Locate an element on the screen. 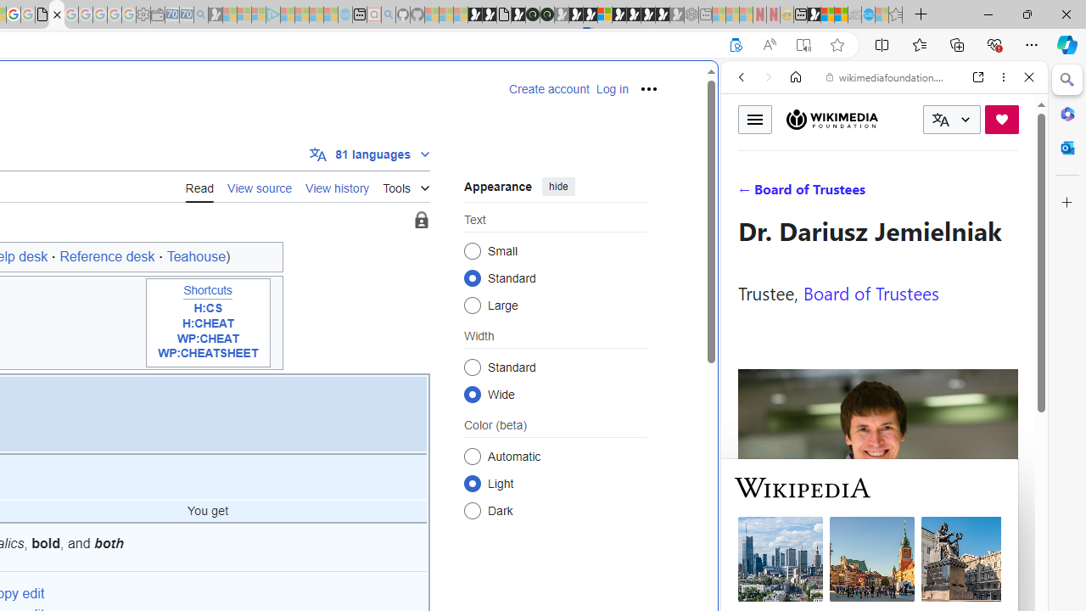 Image resolution: width=1086 pixels, height=611 pixels. 'Play Cave FRVR in your browser | Games from Microsoft Start' is located at coordinates (576, 14).